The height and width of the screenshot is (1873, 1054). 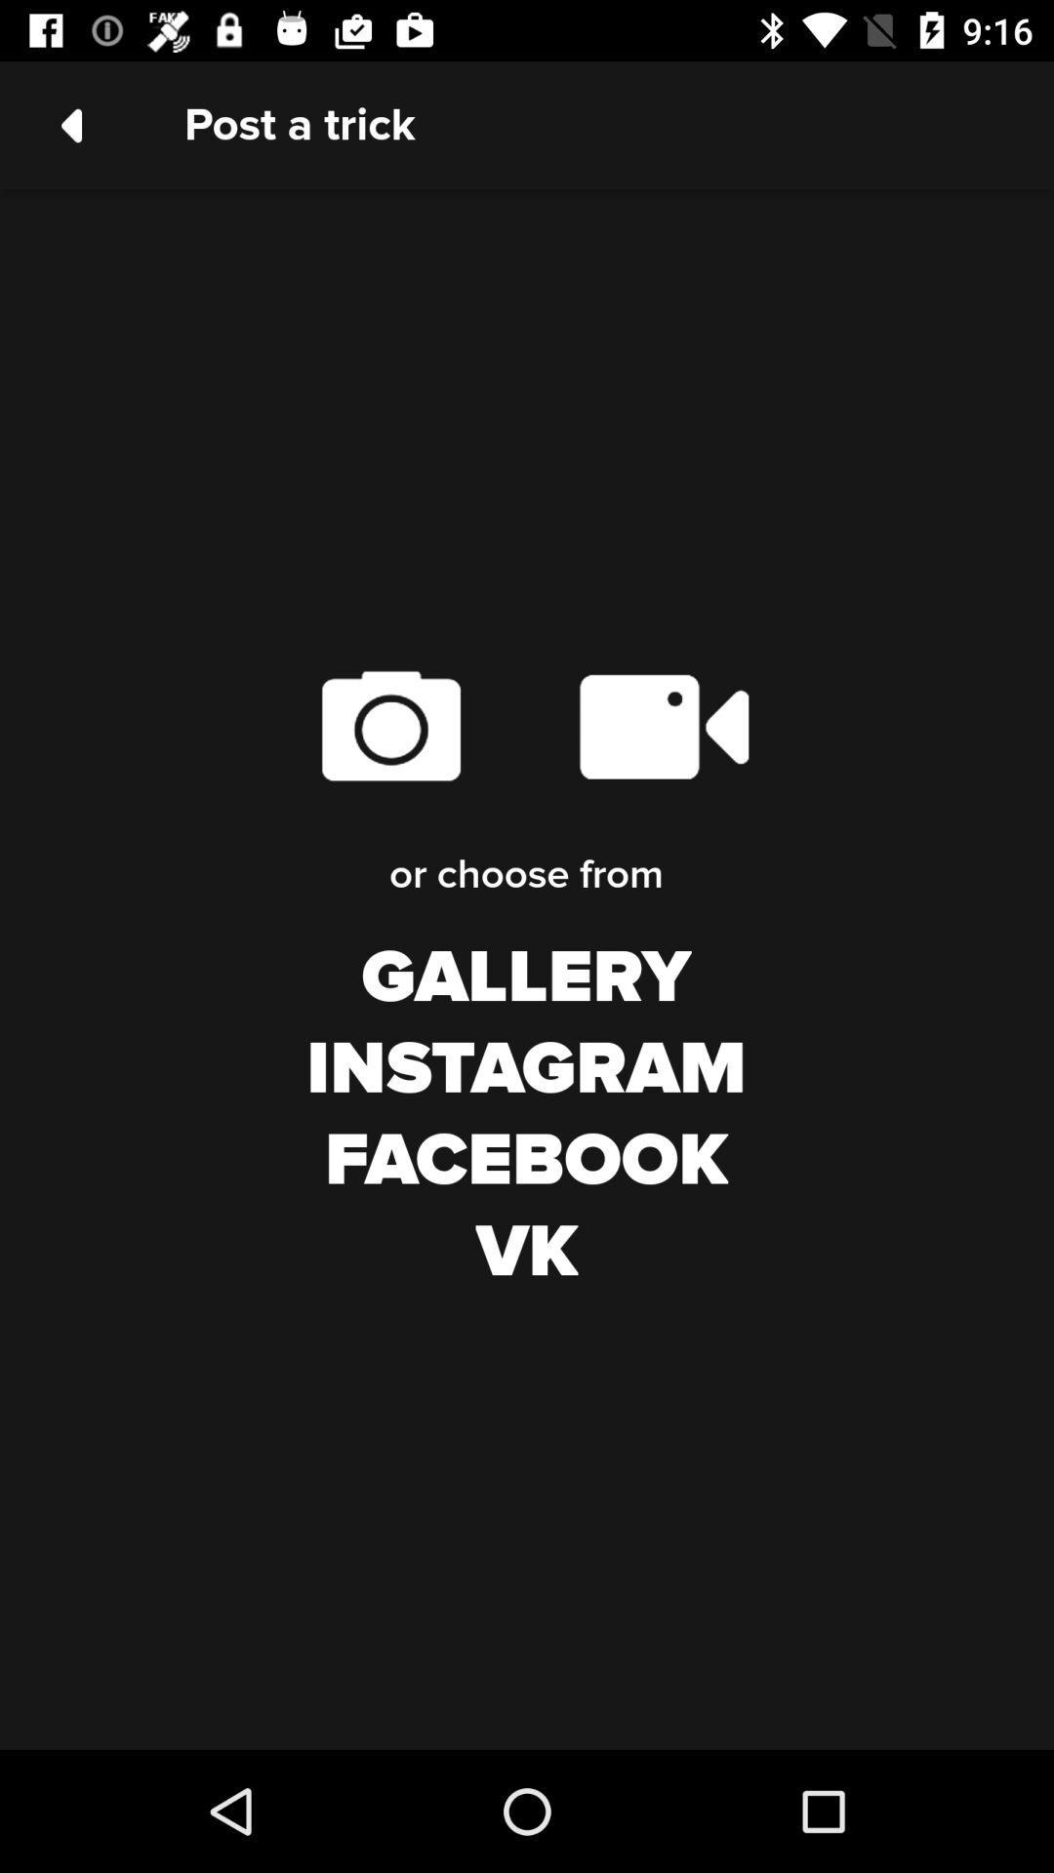 What do you see at coordinates (390, 725) in the screenshot?
I see `the item below the post a trick icon` at bounding box center [390, 725].